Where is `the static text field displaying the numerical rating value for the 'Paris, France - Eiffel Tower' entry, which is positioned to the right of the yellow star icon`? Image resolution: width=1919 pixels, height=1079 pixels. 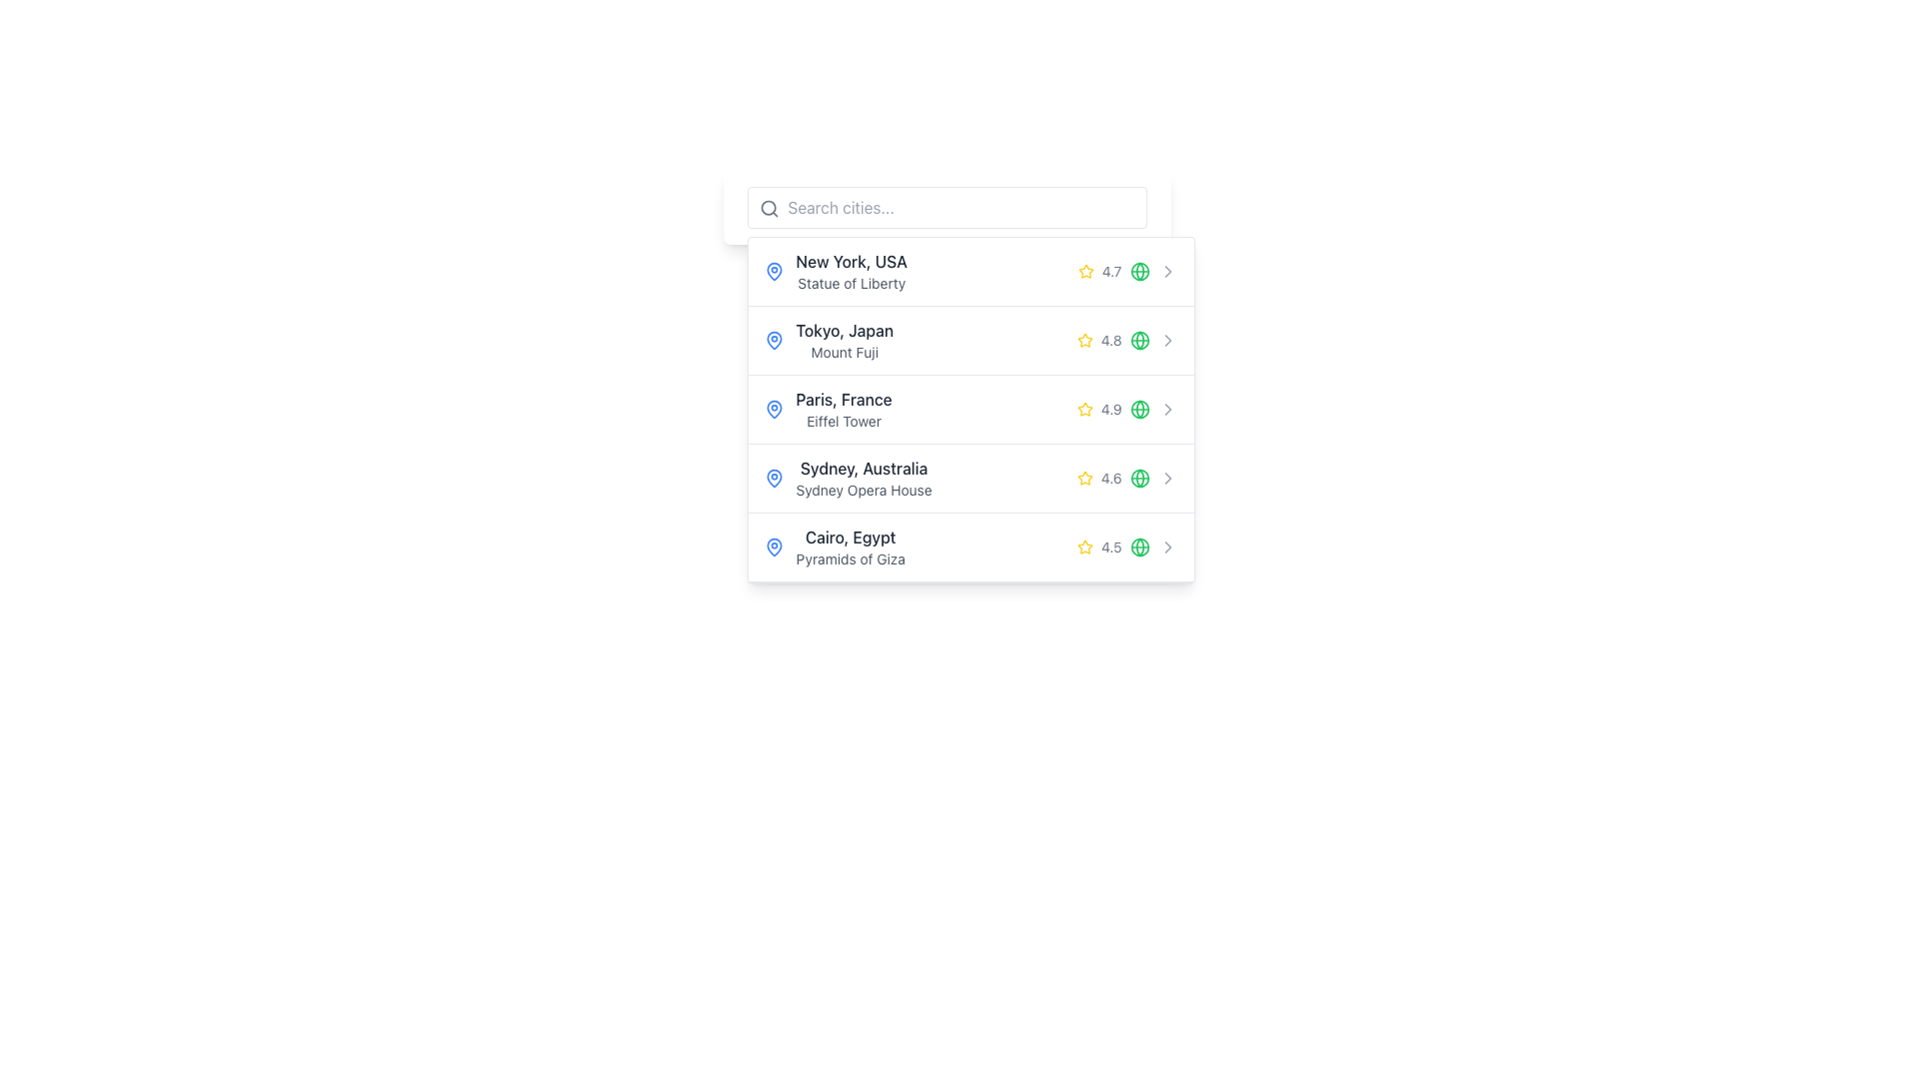 the static text field displaying the numerical rating value for the 'Paris, France - Eiffel Tower' entry, which is positioned to the right of the yellow star icon is located at coordinates (1110, 408).